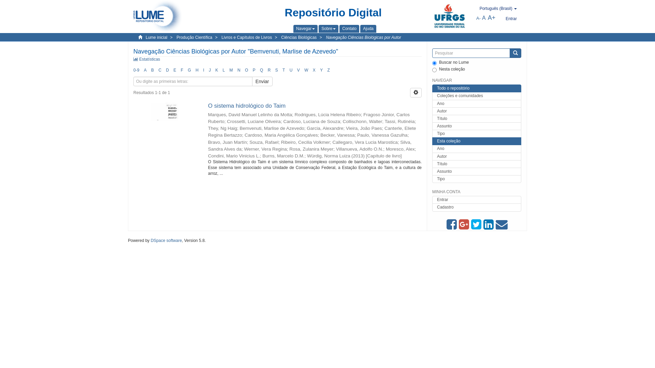 The image size is (655, 368). What do you see at coordinates (145, 70) in the screenshot?
I see `'A'` at bounding box center [145, 70].